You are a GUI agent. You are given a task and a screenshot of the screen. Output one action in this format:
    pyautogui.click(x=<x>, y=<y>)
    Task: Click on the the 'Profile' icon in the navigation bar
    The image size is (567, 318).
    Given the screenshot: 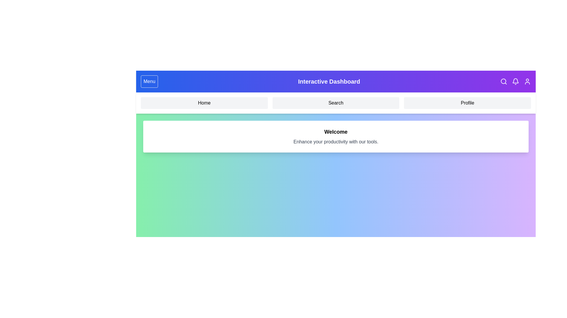 What is the action you would take?
    pyautogui.click(x=527, y=82)
    